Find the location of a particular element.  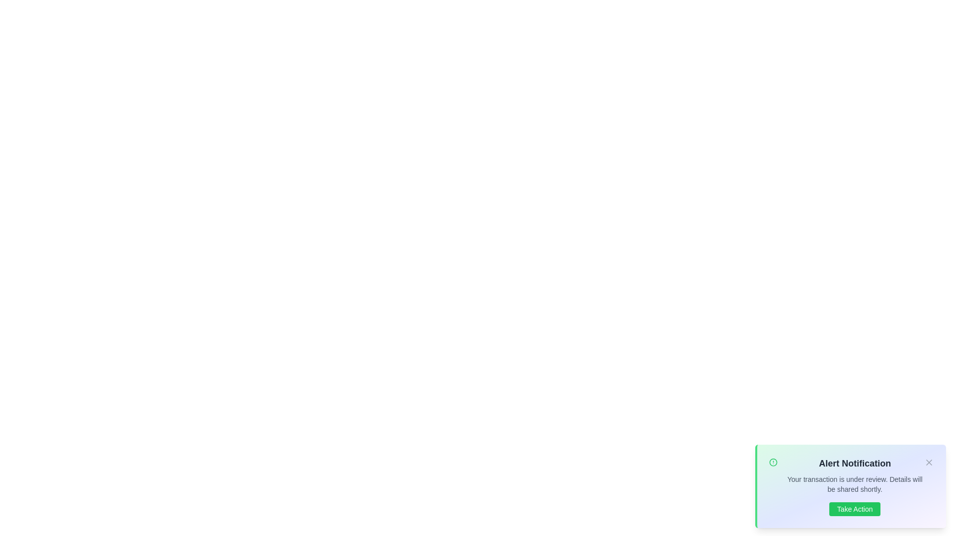

the close button to close the alert notification is located at coordinates (929, 463).